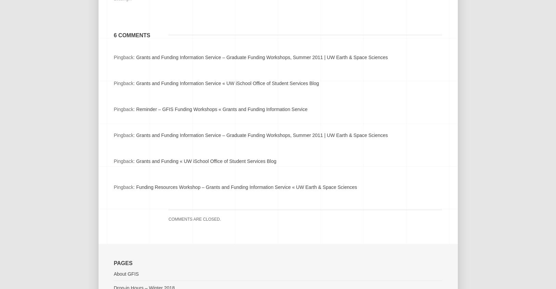 The height and width of the screenshot is (289, 556). I want to click on 'Funding Resources Workshop – Grants and Funding Information Service « UW Earth & Space Sciences', so click(246, 187).